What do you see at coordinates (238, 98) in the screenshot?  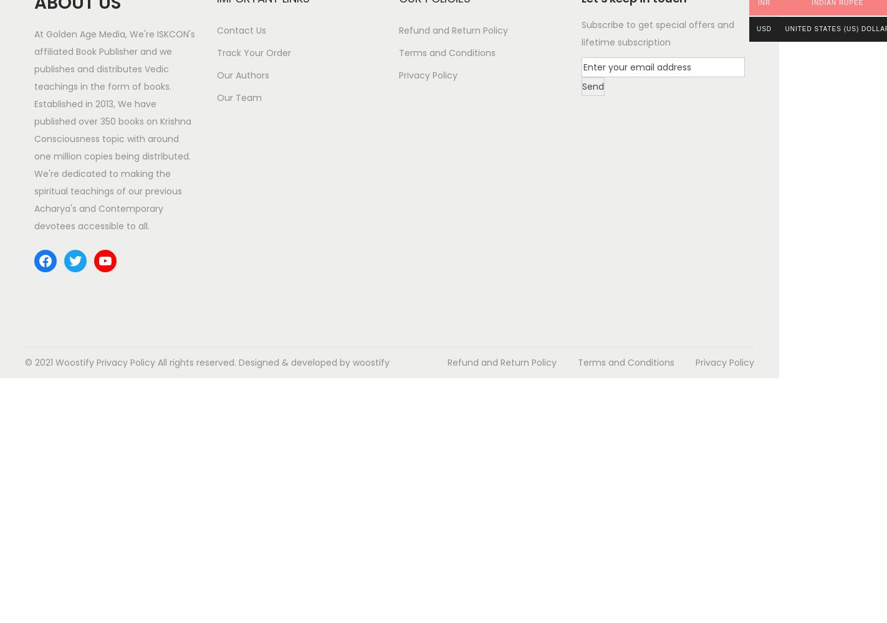 I see `'Our Team'` at bounding box center [238, 98].